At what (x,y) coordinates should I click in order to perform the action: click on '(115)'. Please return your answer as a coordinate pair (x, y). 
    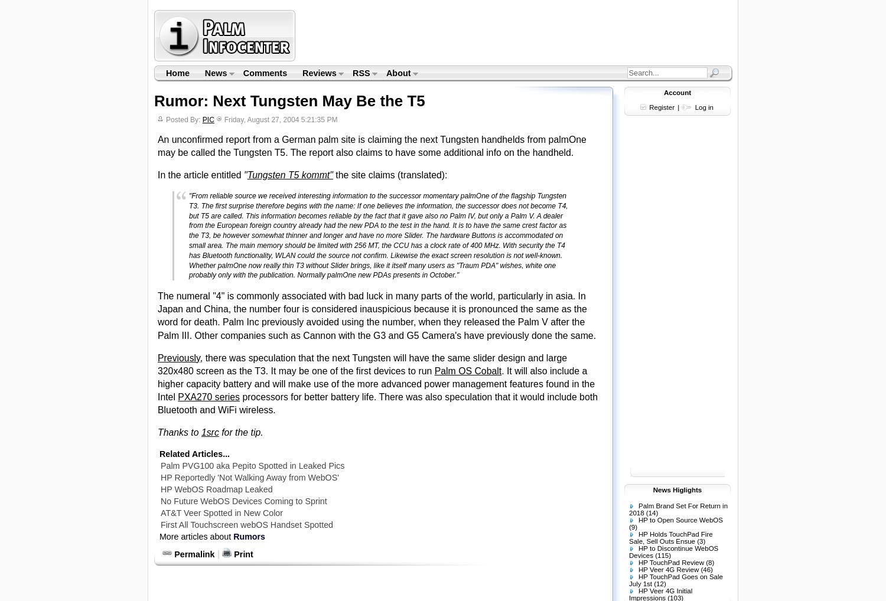
    Looking at the image, I should click on (662, 555).